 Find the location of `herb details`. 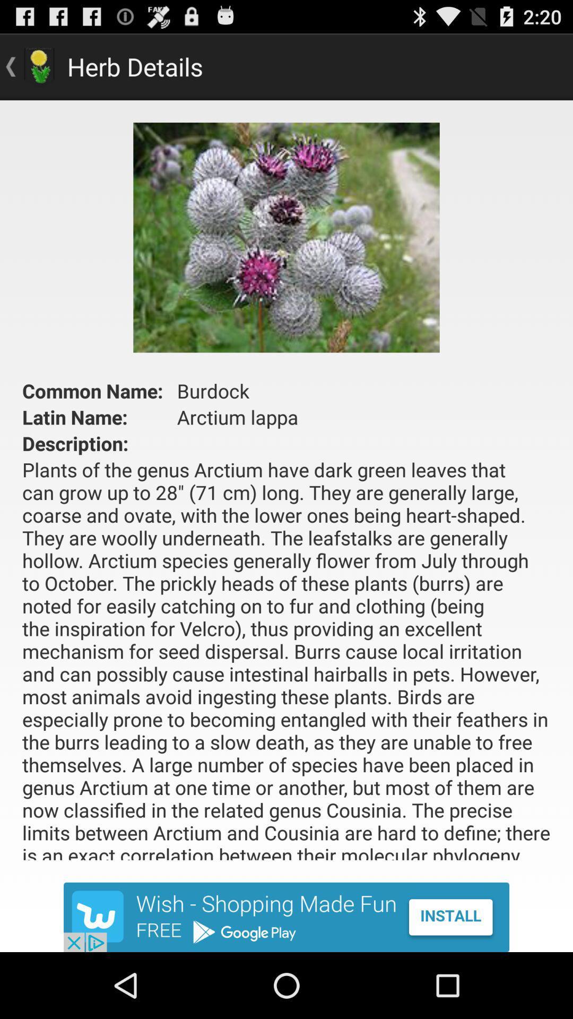

herb details is located at coordinates (286, 917).